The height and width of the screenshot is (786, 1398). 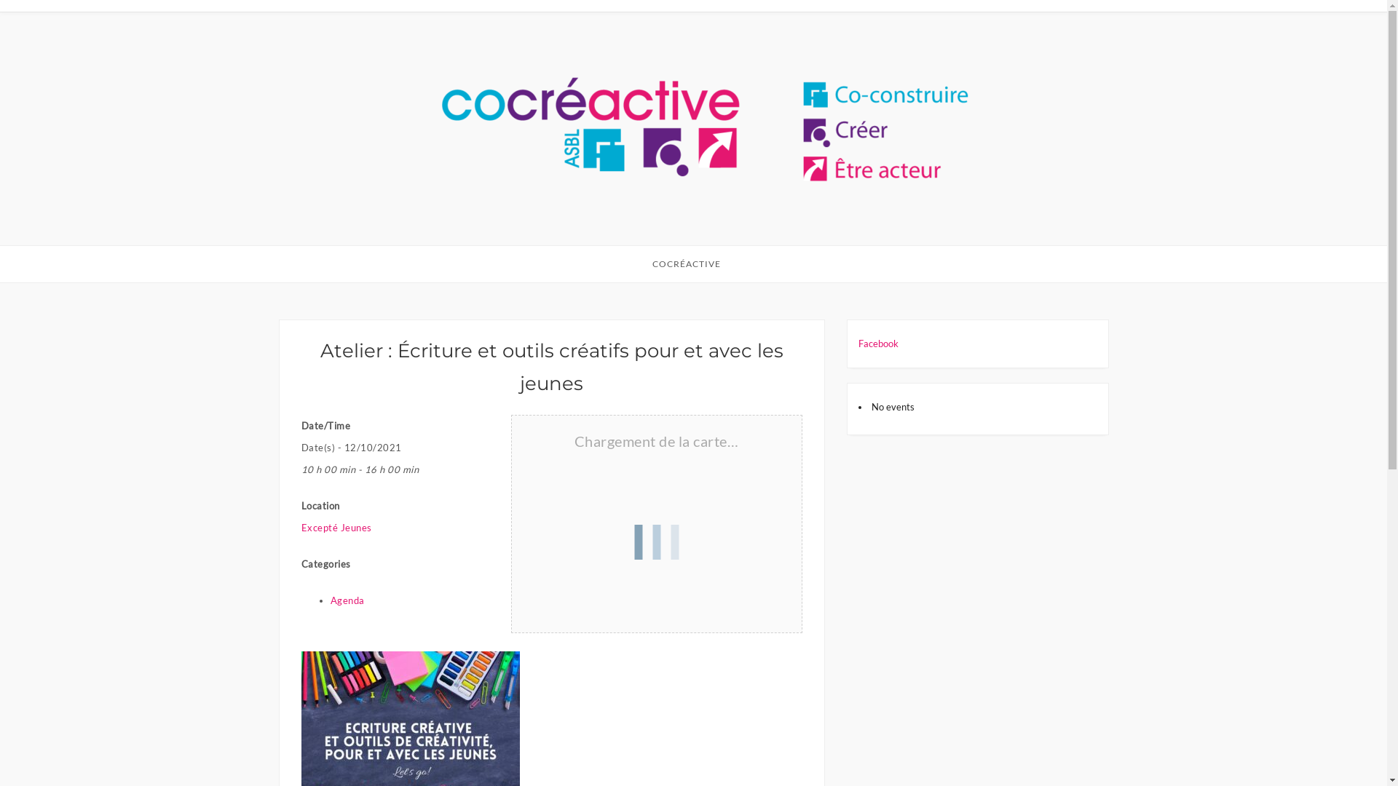 What do you see at coordinates (877, 343) in the screenshot?
I see `'Facebook'` at bounding box center [877, 343].